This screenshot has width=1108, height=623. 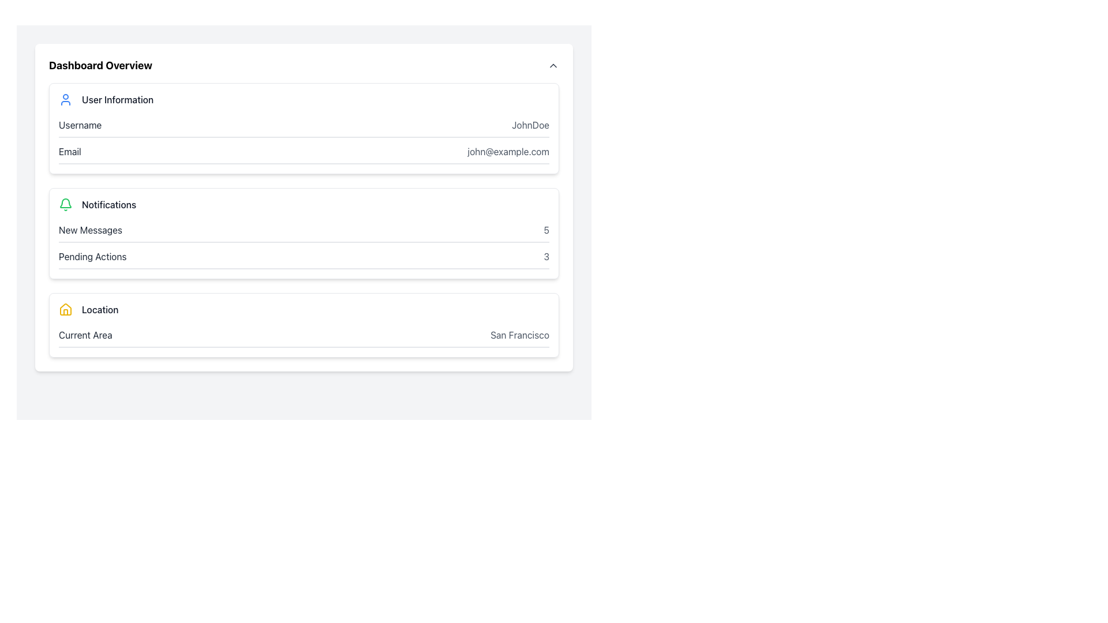 I want to click on the upward-pointing chevron icon located near the top-right corner of the 'Dashboard Overview' header, so click(x=553, y=66).